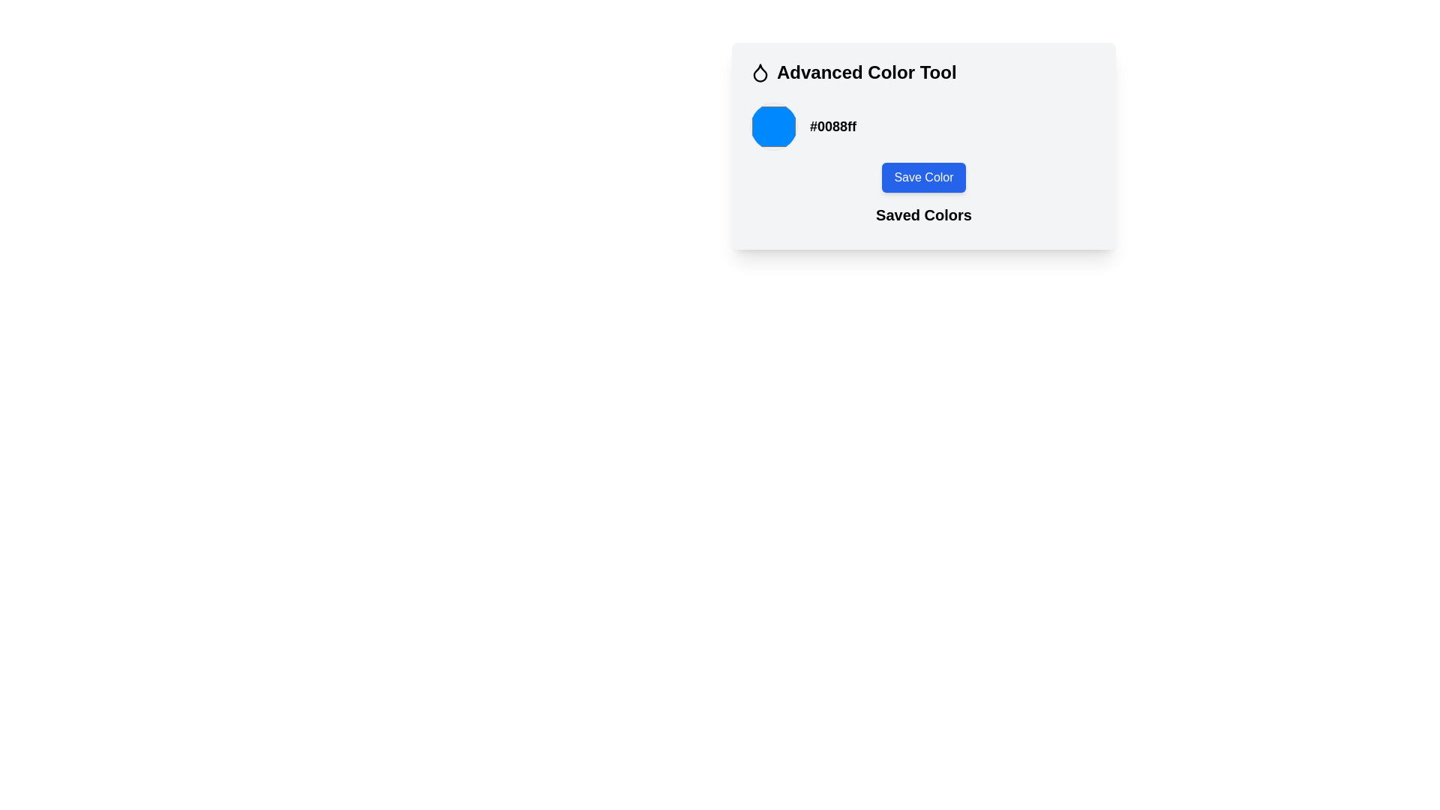  Describe the element at coordinates (774, 126) in the screenshot. I see `the octagonal blue button located at the top left corner of the 'Advanced Color Tool' control panel` at that location.